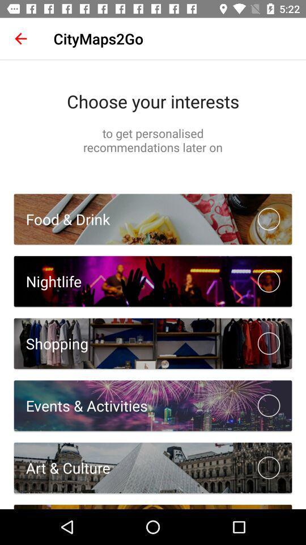 This screenshot has width=306, height=545. I want to click on icon above to get personalised item, so click(153, 100).